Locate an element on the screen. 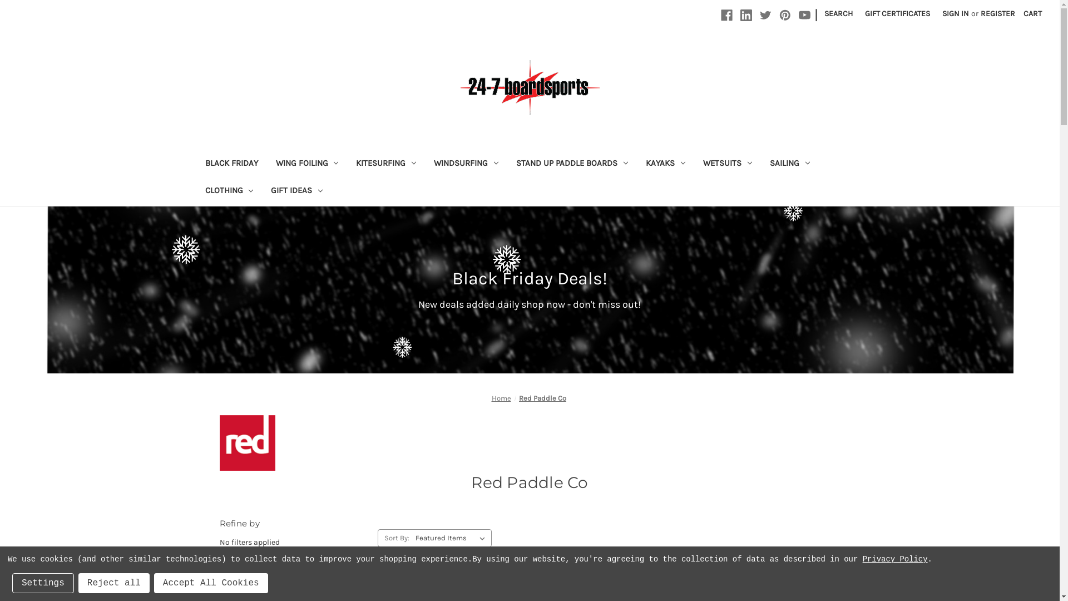 The width and height of the screenshot is (1068, 601). 'Linkedin' is located at coordinates (746, 15).